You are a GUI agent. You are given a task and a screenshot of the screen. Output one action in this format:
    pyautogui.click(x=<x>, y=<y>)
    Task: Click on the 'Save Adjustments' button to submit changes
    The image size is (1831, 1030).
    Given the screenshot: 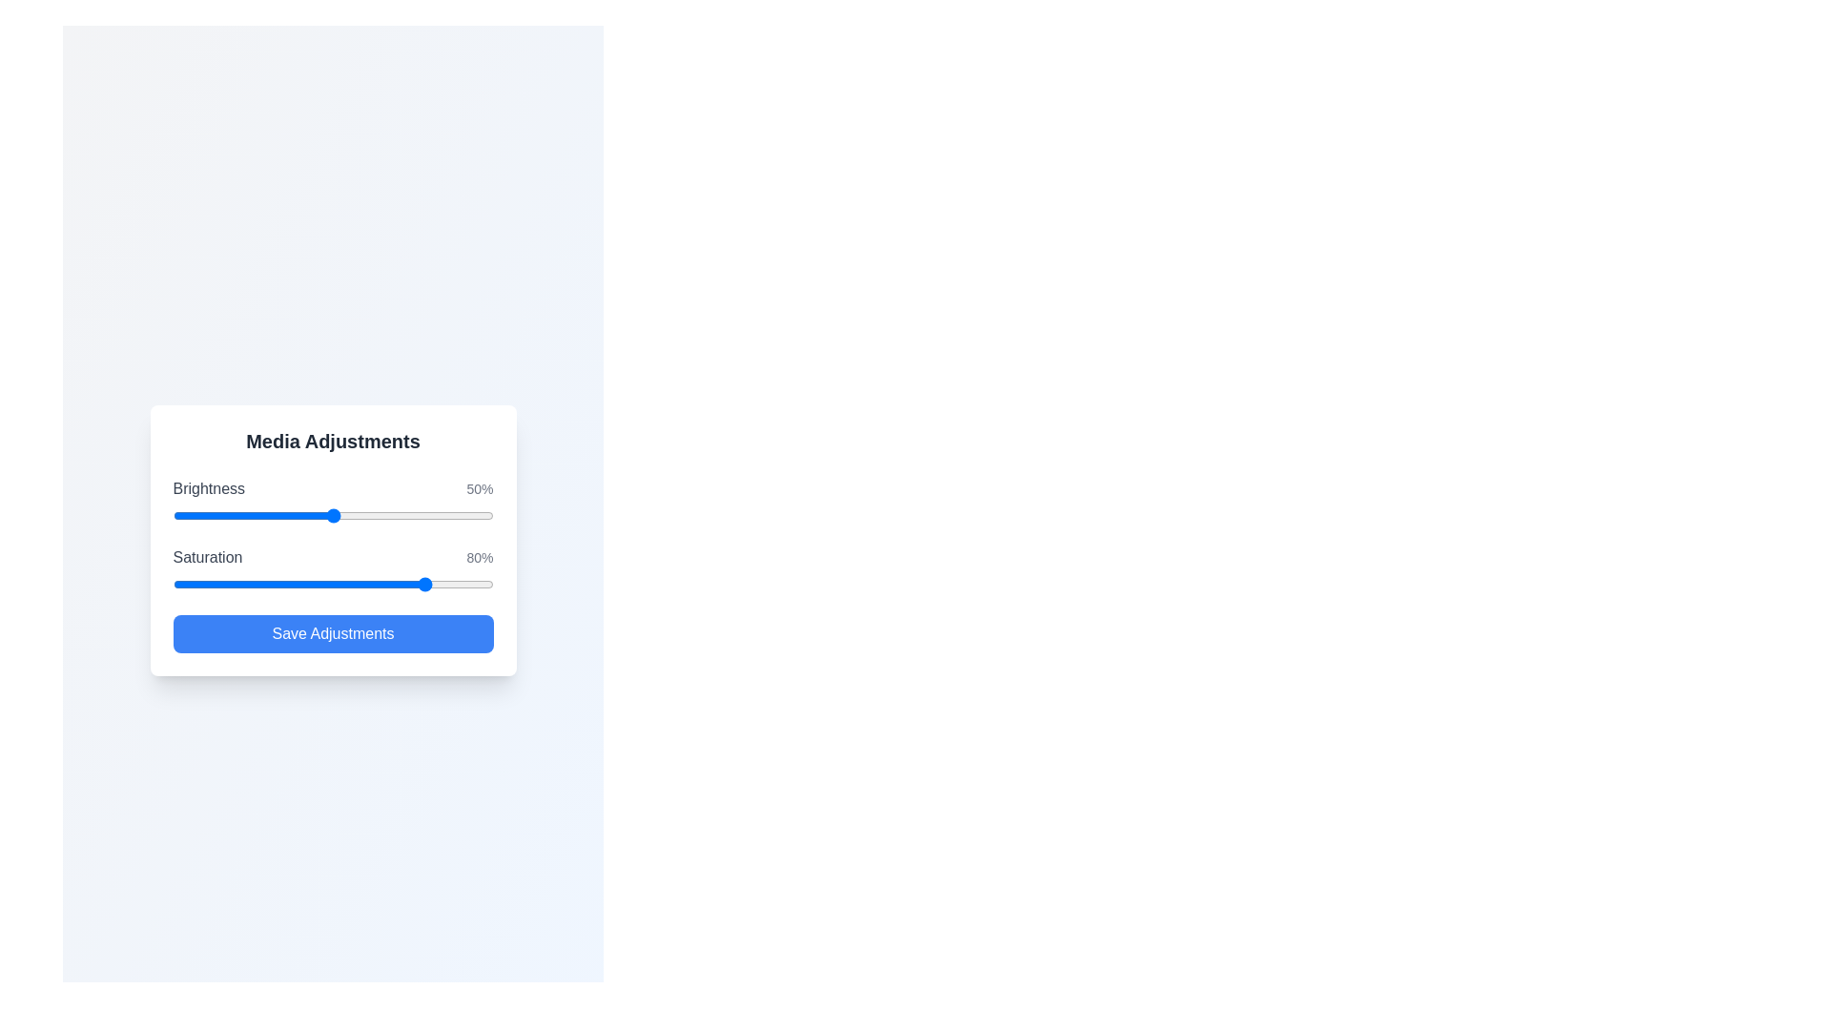 What is the action you would take?
    pyautogui.click(x=333, y=633)
    